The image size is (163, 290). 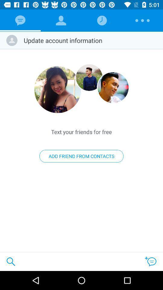 I want to click on friend from contact, so click(x=89, y=77).